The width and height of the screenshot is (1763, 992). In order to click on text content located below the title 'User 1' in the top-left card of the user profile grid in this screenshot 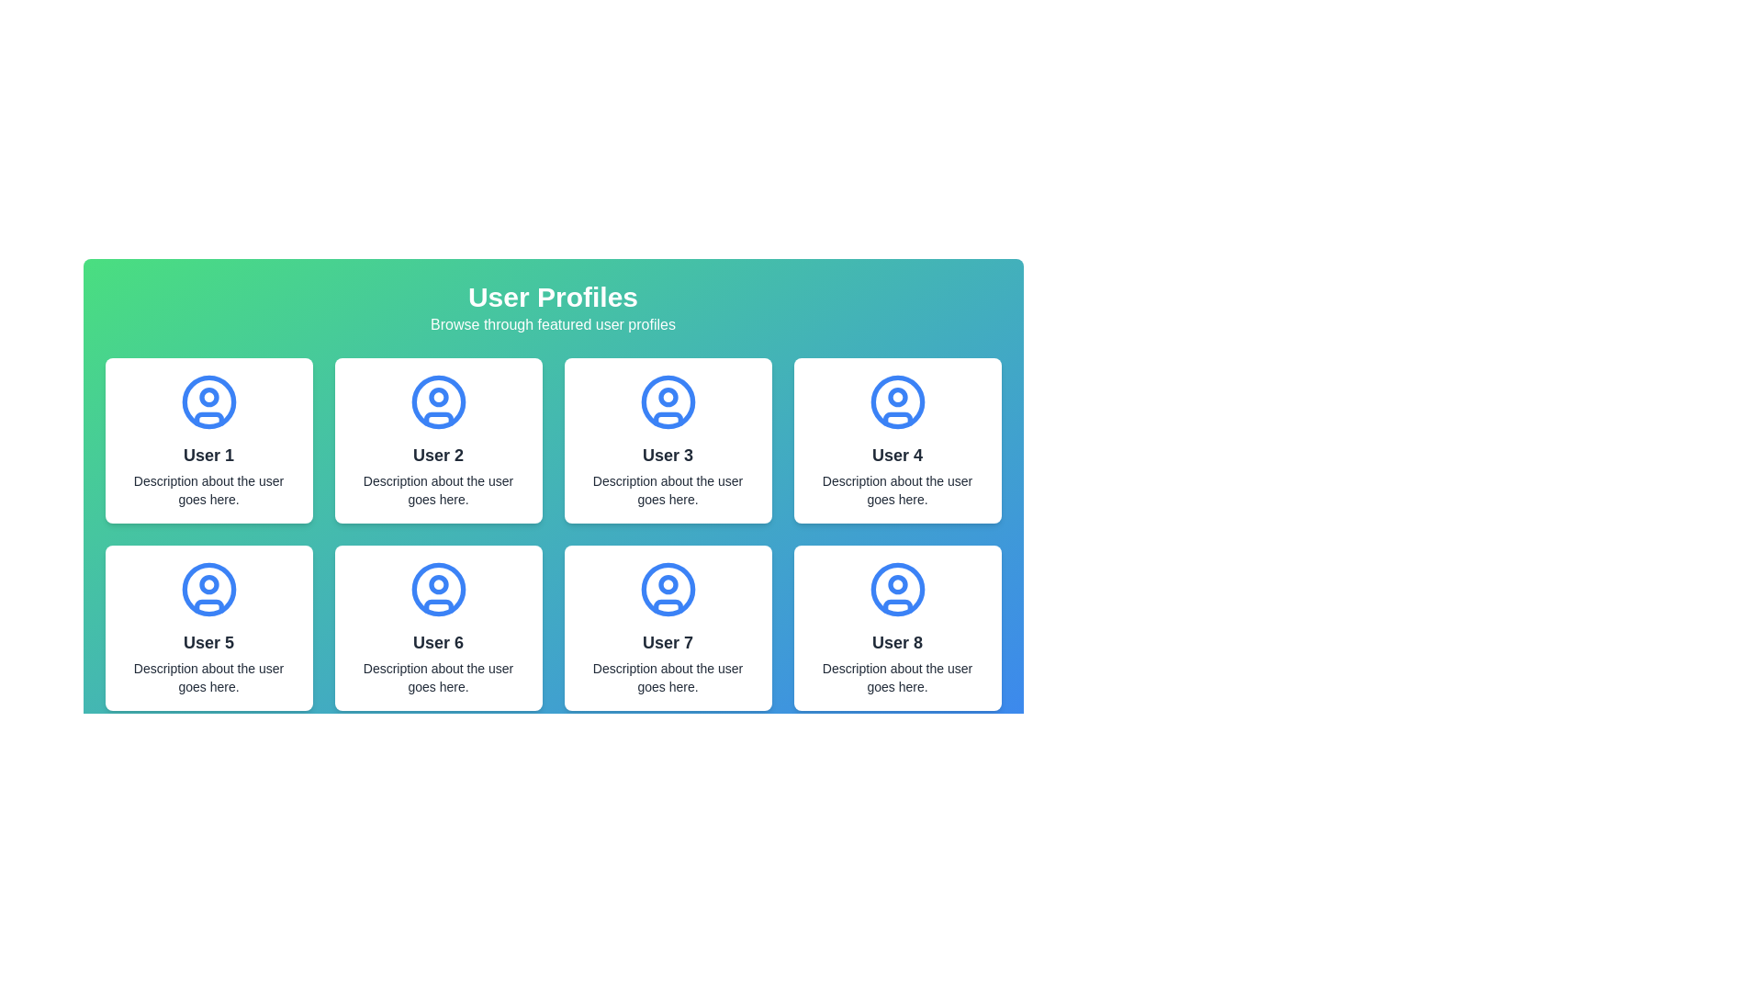, I will do `click(208, 489)`.